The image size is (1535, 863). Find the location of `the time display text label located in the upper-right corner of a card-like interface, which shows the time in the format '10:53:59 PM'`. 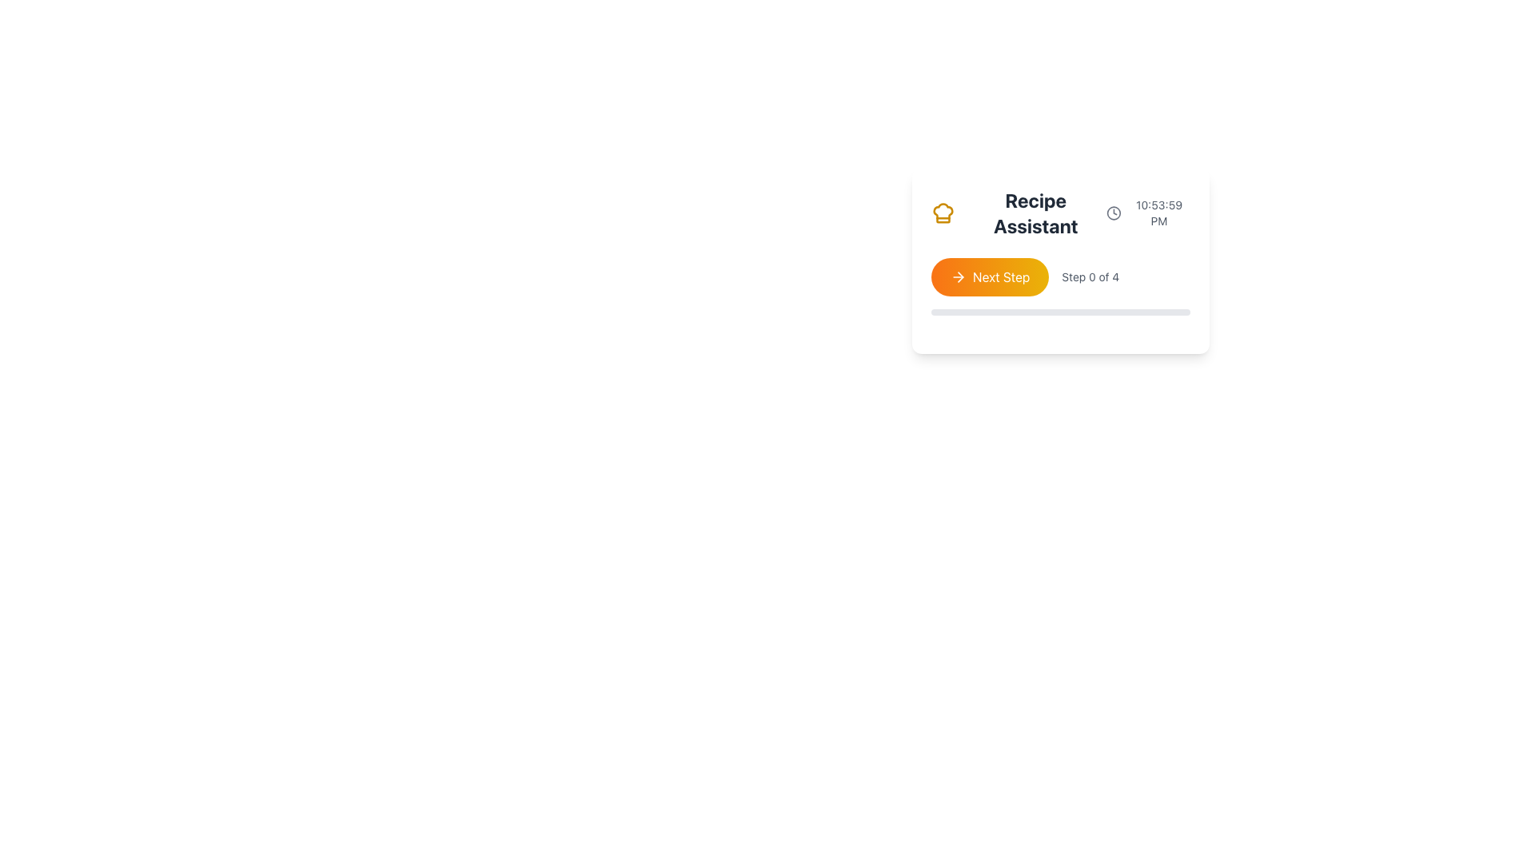

the time display text label located in the upper-right corner of a card-like interface, which shows the time in the format '10:53:59 PM' is located at coordinates (1159, 212).